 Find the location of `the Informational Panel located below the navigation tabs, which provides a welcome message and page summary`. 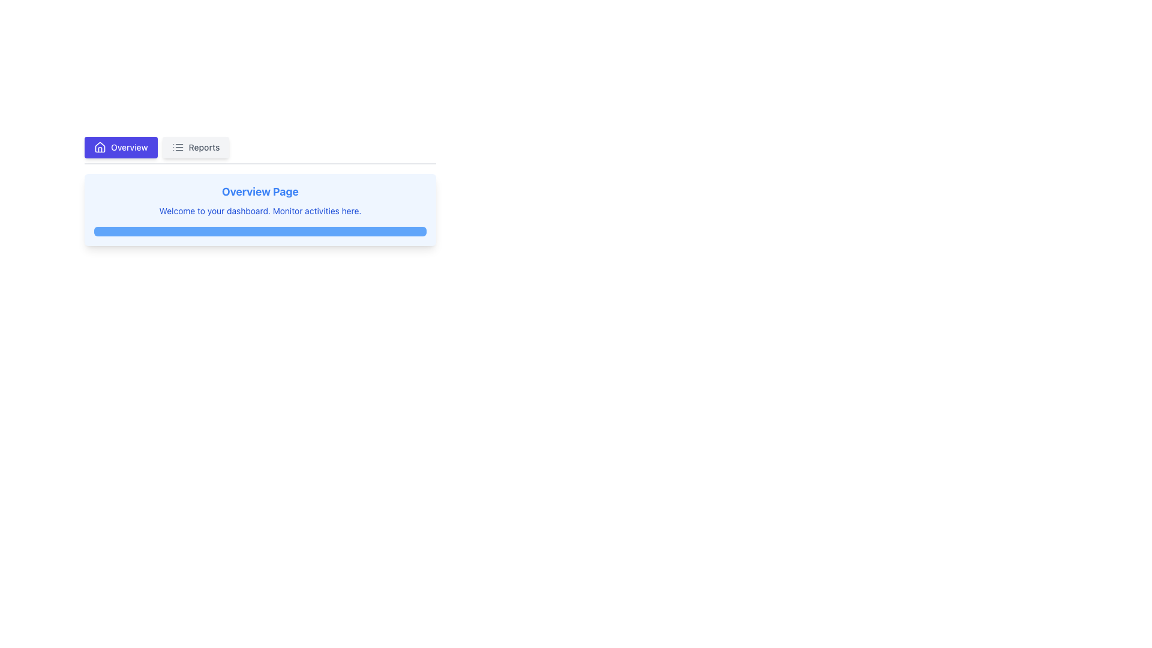

the Informational Panel located below the navigation tabs, which provides a welcome message and page summary is located at coordinates (259, 209).